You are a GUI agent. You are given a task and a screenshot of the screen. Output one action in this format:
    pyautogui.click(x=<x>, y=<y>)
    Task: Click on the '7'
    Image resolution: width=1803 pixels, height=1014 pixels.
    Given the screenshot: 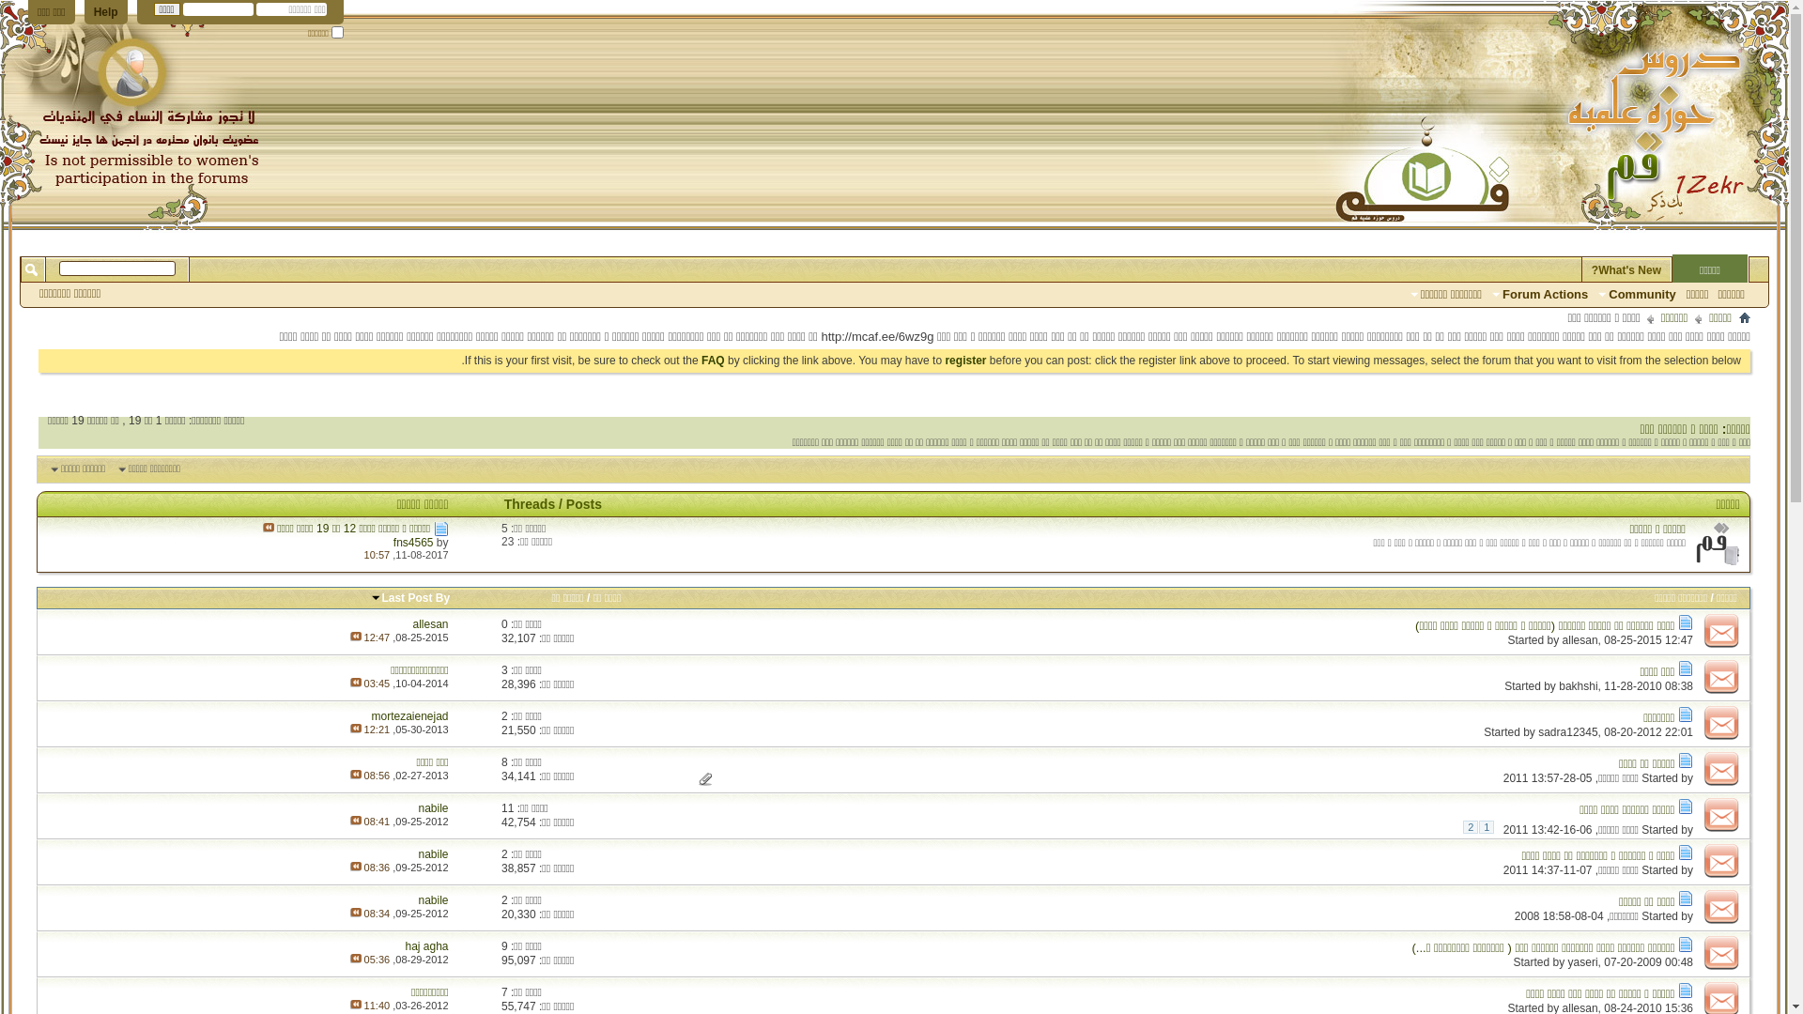 What is the action you would take?
    pyautogui.click(x=504, y=991)
    